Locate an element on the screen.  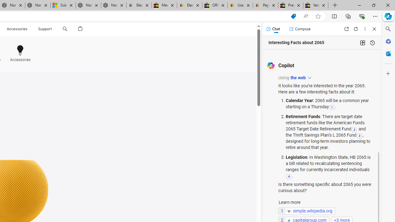
'User Privacy Notice | eBay' is located at coordinates (240, 5).